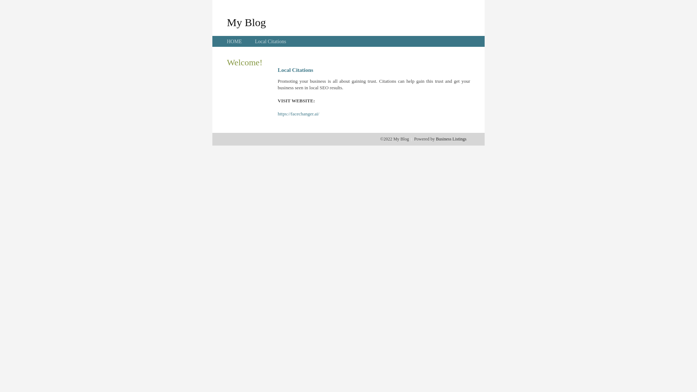 The height and width of the screenshot is (392, 697). What do you see at coordinates (254, 41) in the screenshot?
I see `'Local Citations'` at bounding box center [254, 41].